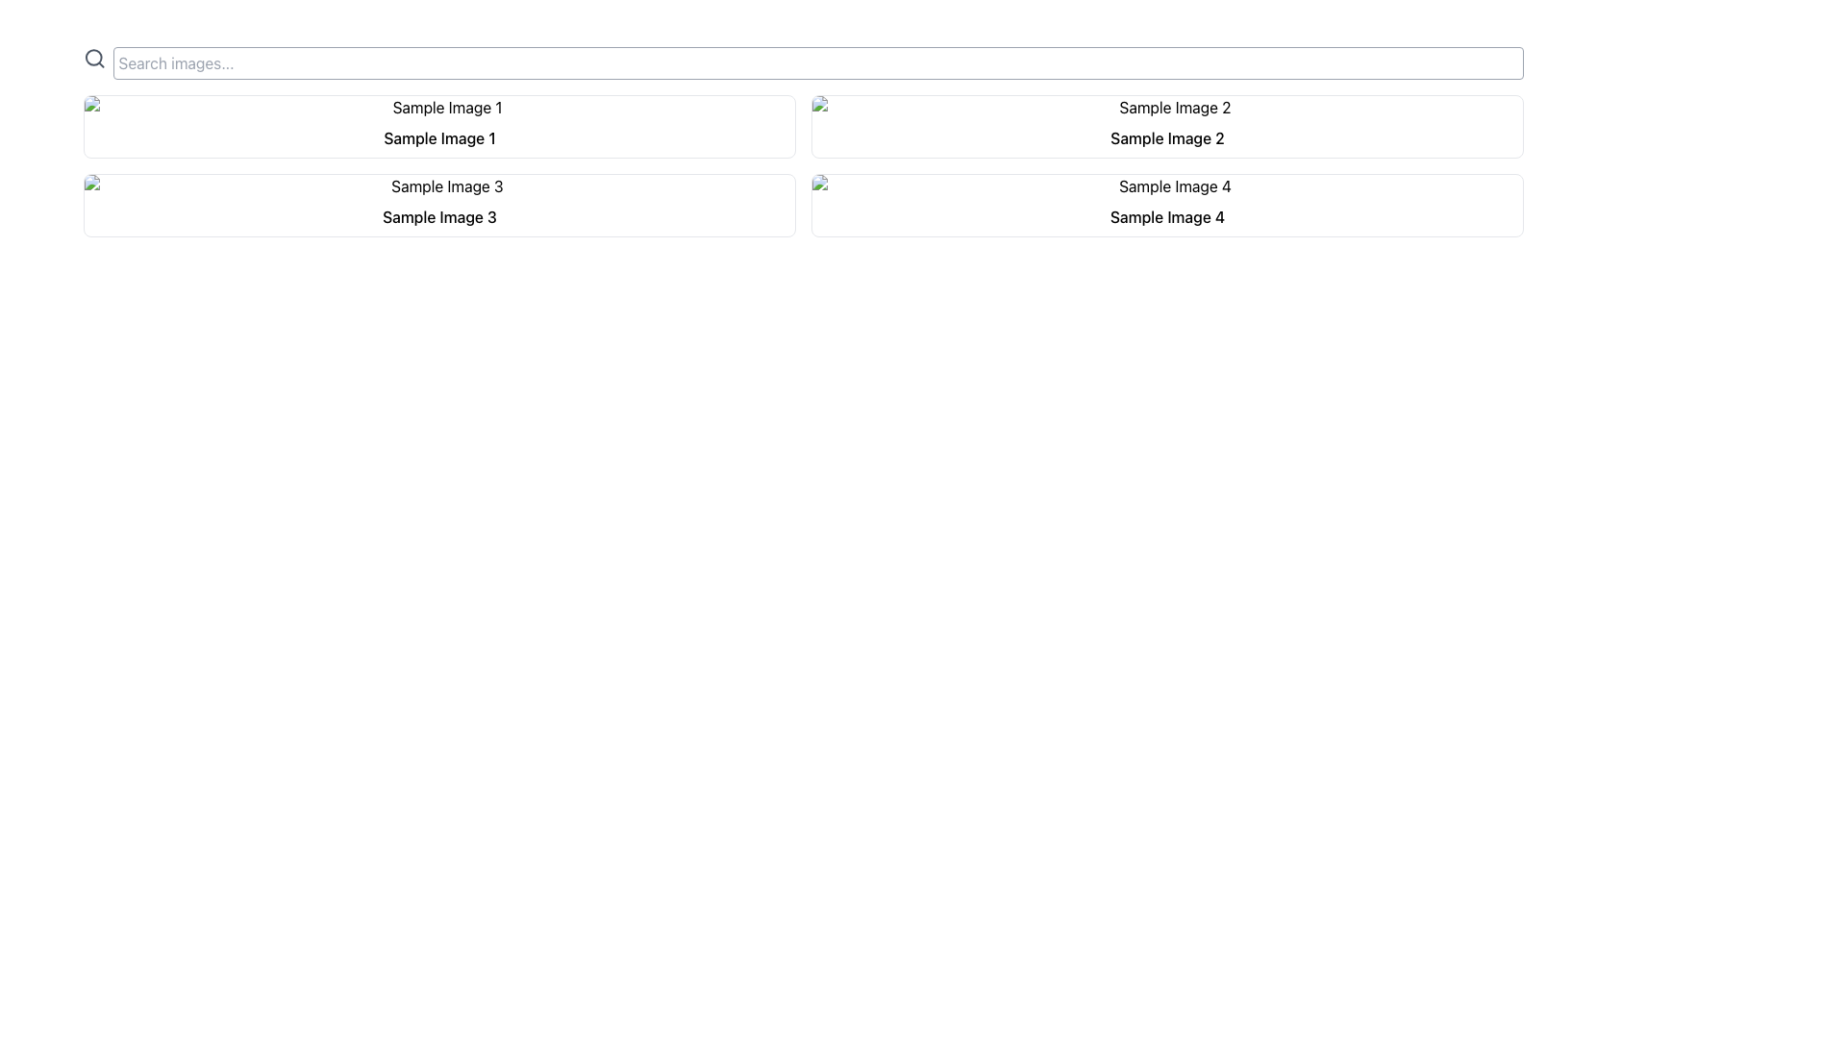 This screenshot has width=1846, height=1038. I want to click on the Card element located in the second row and first column of the grid layout, so click(438, 205).